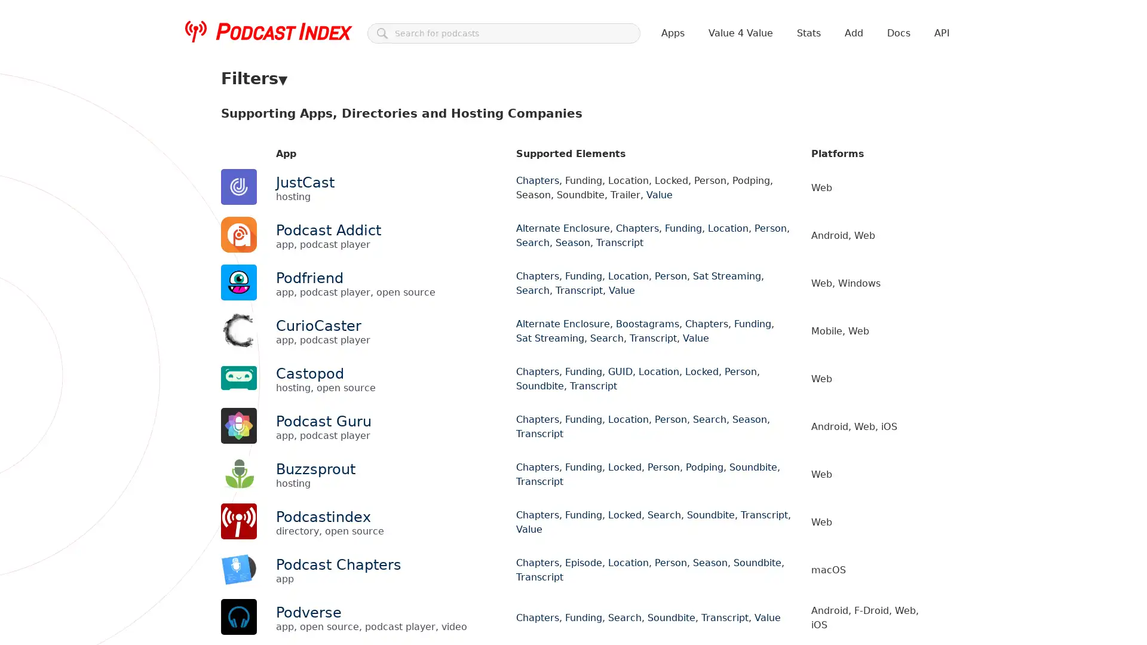  What do you see at coordinates (606, 180) in the screenshot?
I see `Location` at bounding box center [606, 180].